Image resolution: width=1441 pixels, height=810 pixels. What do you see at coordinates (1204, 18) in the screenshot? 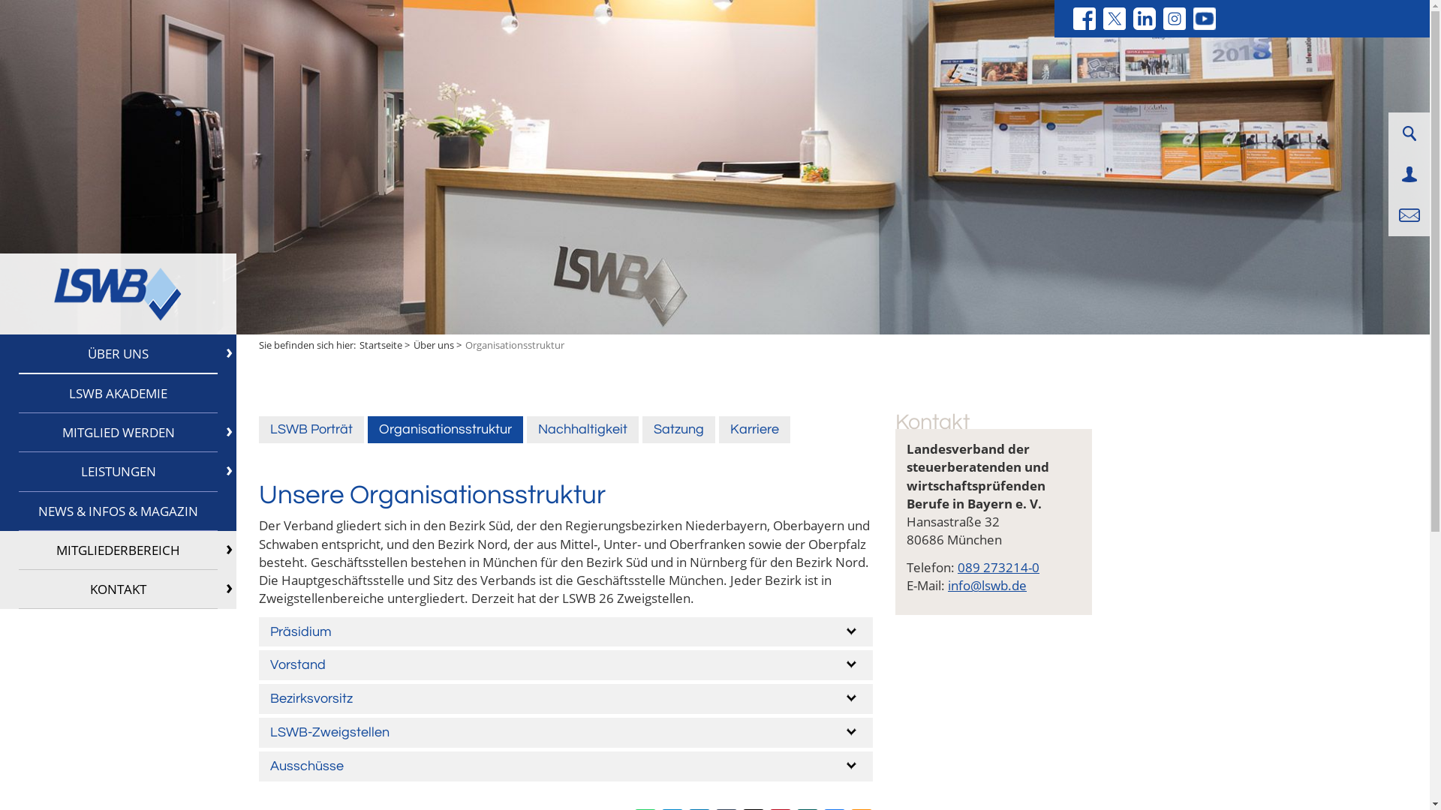
I see `'LSWB bei Youtube'` at bounding box center [1204, 18].